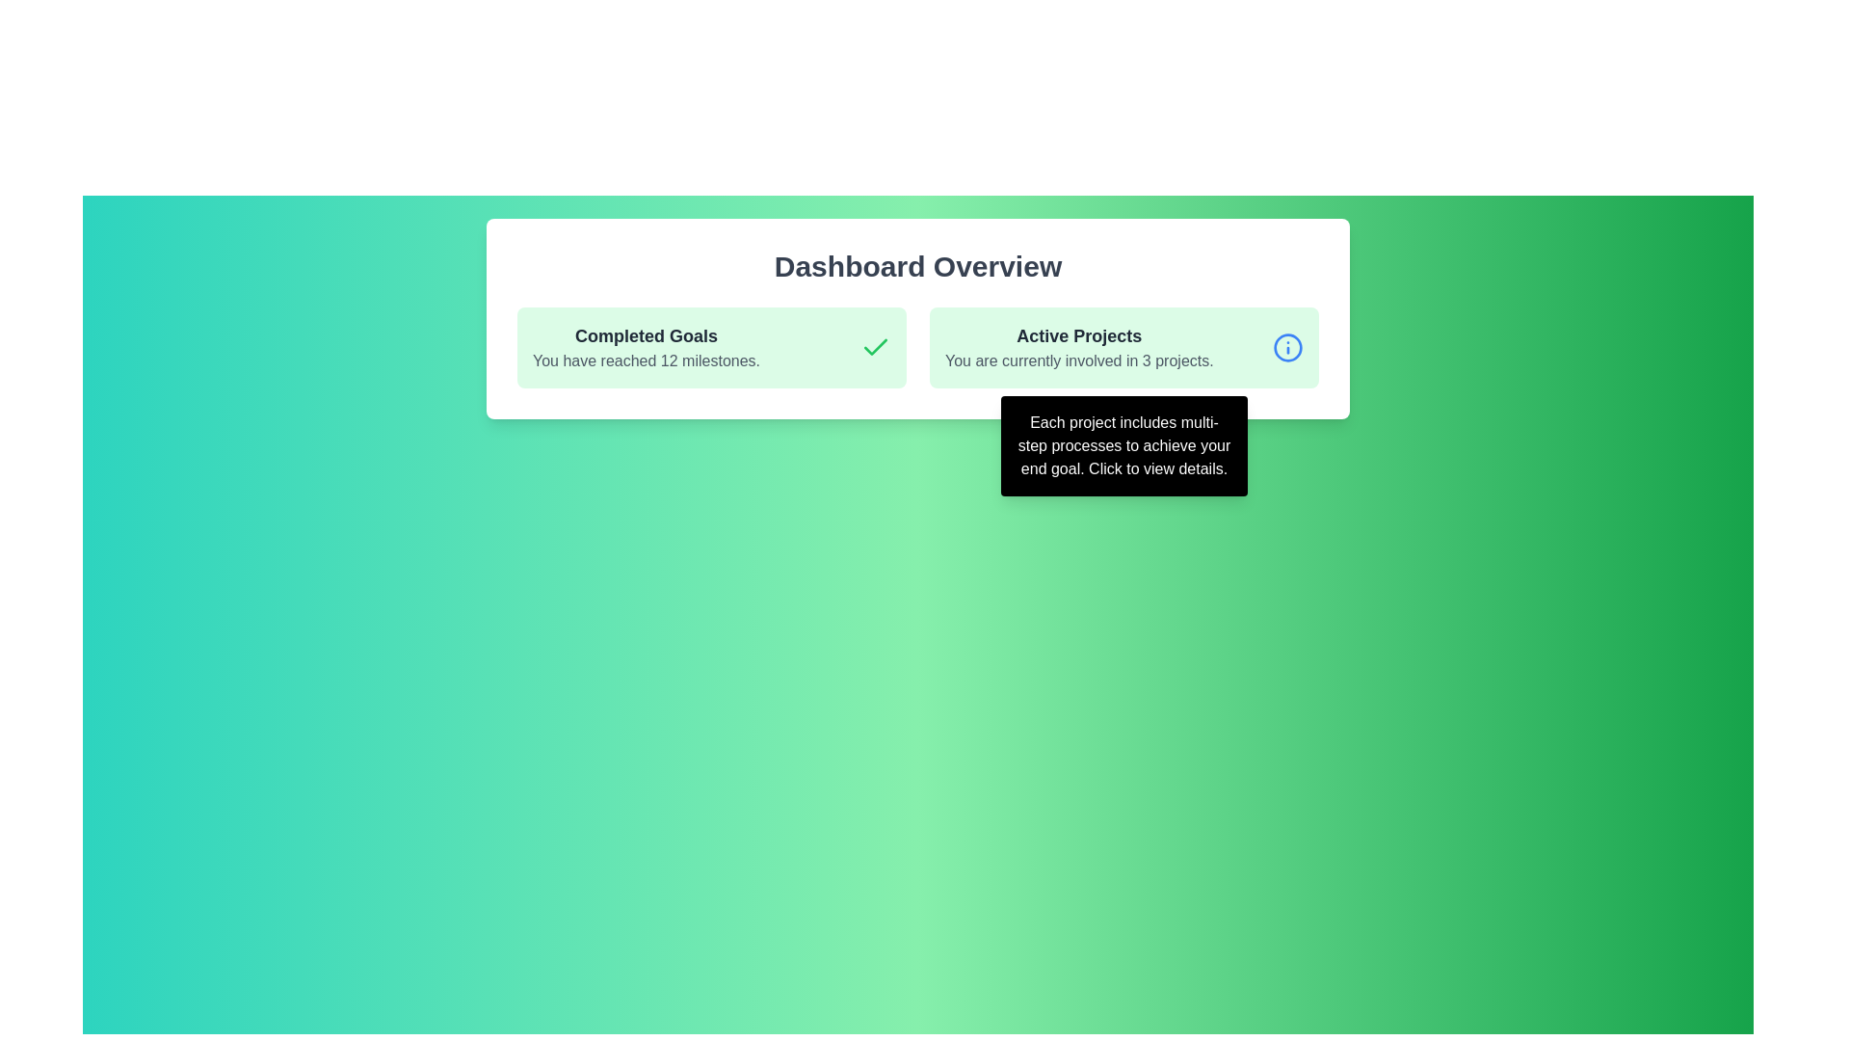 This screenshot has width=1850, height=1041. What do you see at coordinates (1079, 334) in the screenshot?
I see `the static text header that indicates the section for details about active projects, which is located above the phrase 'You are currently involved in 3 projects.'` at bounding box center [1079, 334].